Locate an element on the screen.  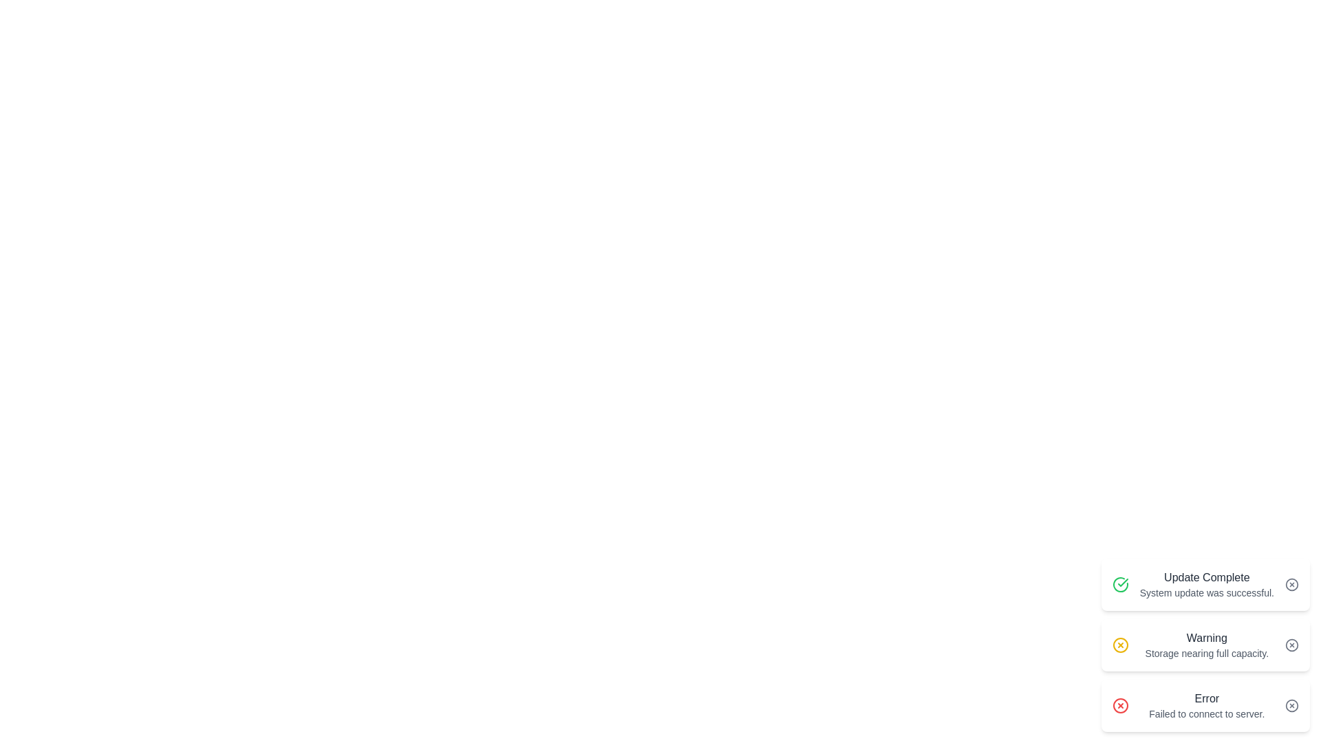
the error icon in the notification card labeled 'Error' which indicates an issue with the text 'Failed to connect to server.' is located at coordinates (1120, 706).